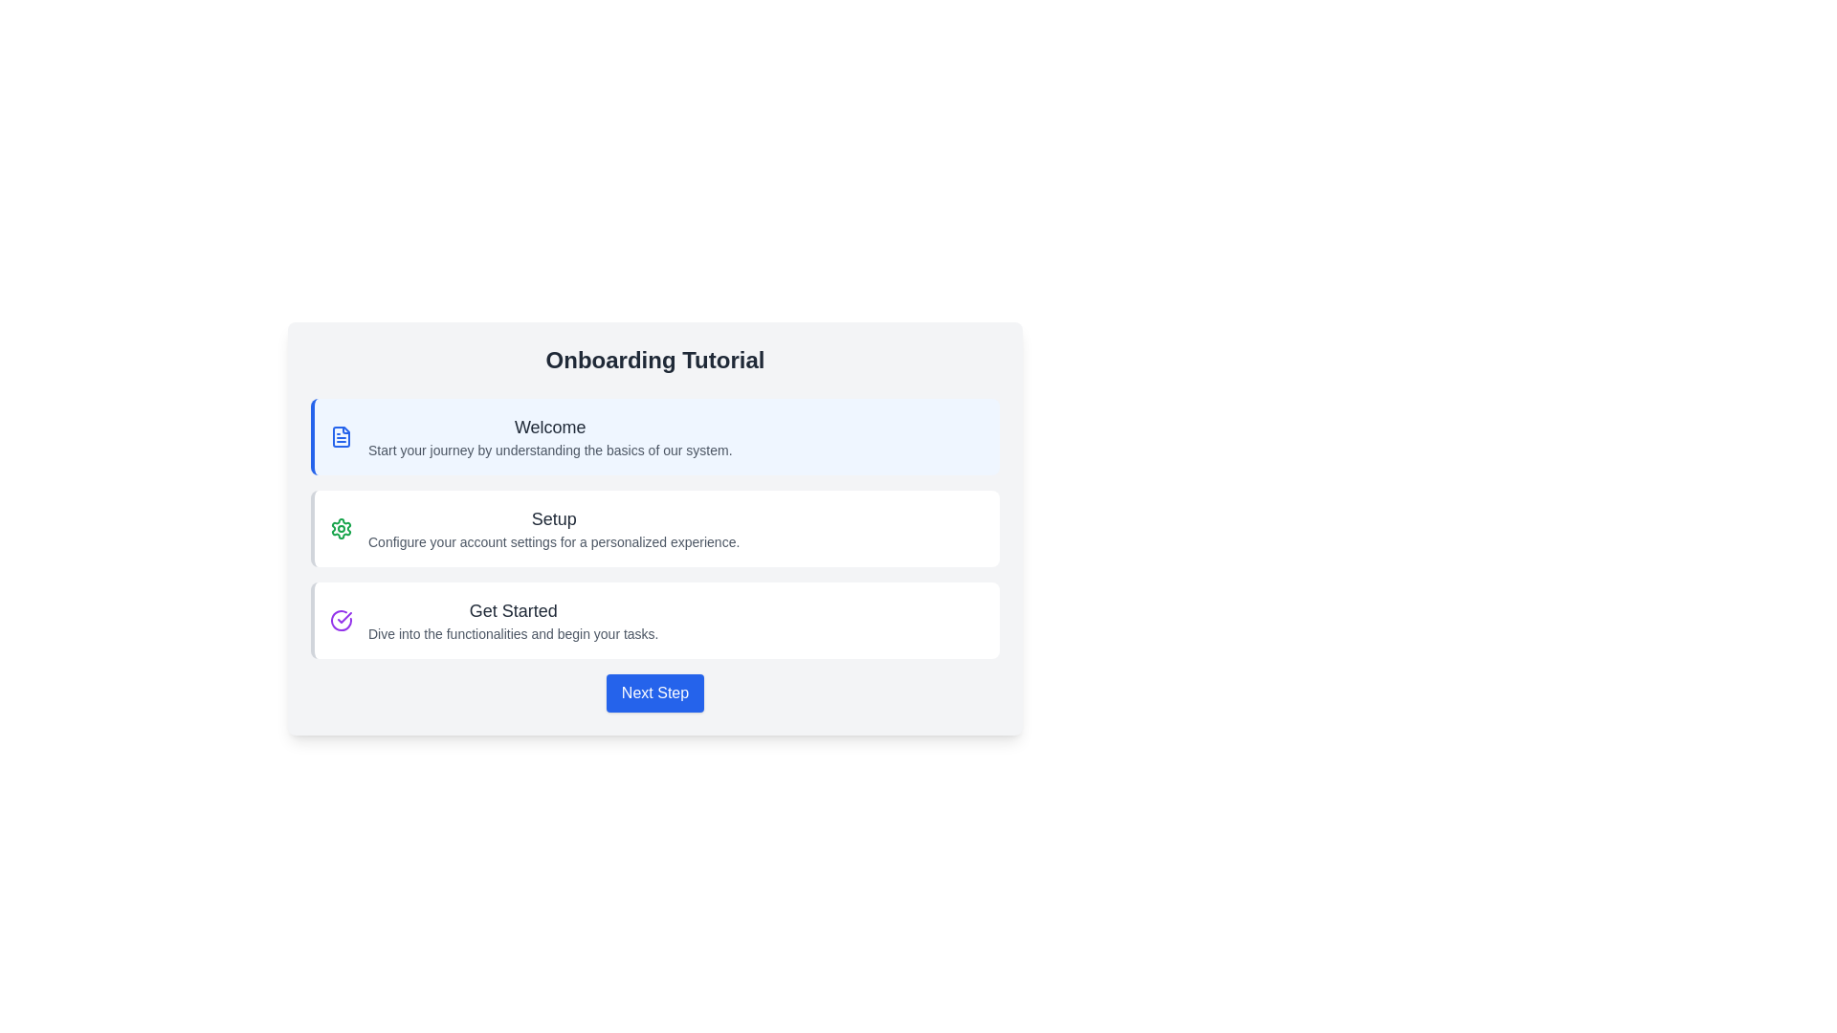 This screenshot has width=1837, height=1033. I want to click on the SVG icon representing a file or document in the 'Welcome' section of the 'Onboarding Tutorial', so click(341, 436).